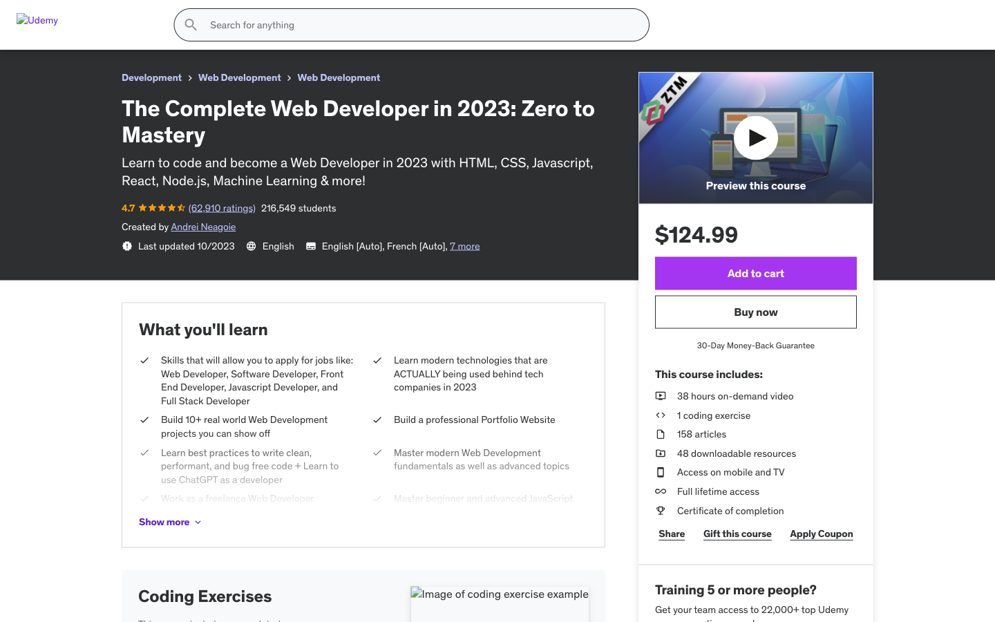  What do you see at coordinates (827, 71) in the screenshot?
I see `Locate and select the top trending topic` at bounding box center [827, 71].